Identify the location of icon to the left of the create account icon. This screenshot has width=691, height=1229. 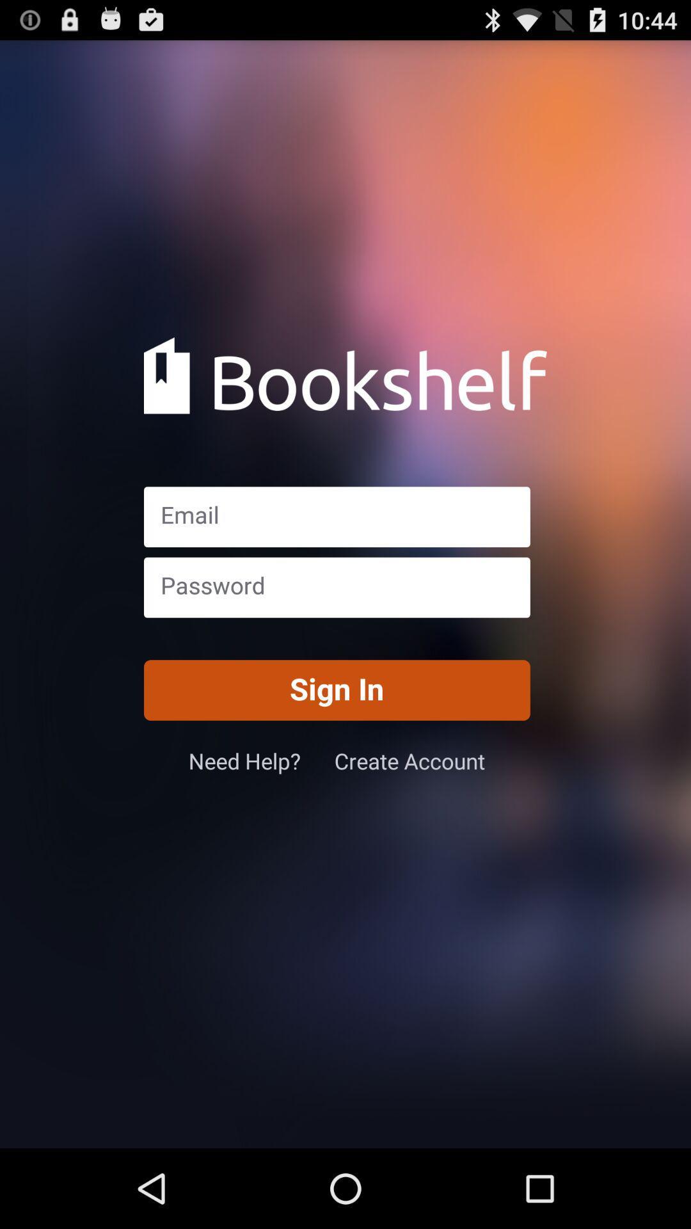
(260, 760).